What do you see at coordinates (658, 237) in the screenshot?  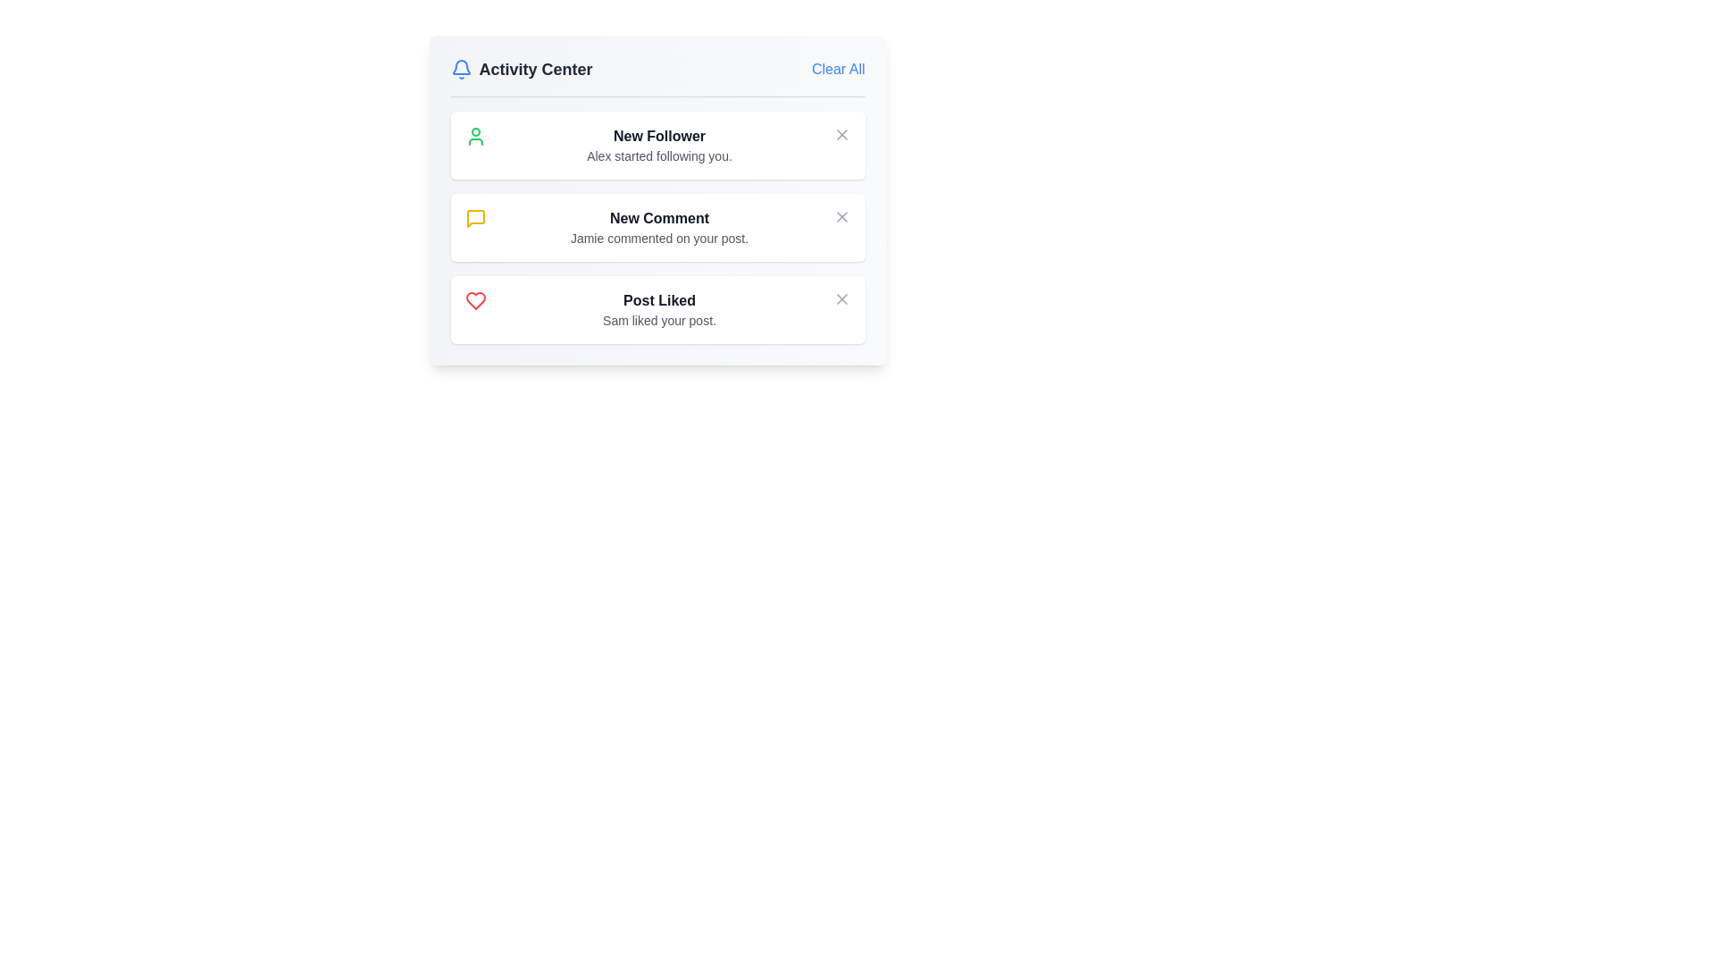 I see `the Text label that provides additional information about a comment on the user's post, positioned below 'New Comment' within the notifications list` at bounding box center [658, 237].